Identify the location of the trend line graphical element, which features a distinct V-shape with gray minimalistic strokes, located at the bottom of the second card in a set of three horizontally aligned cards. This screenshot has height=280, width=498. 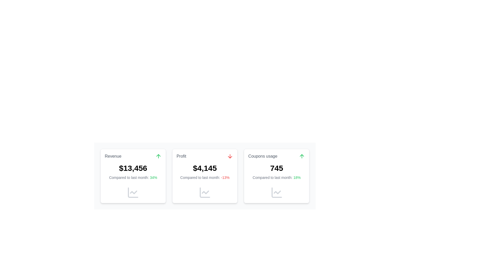
(205, 192).